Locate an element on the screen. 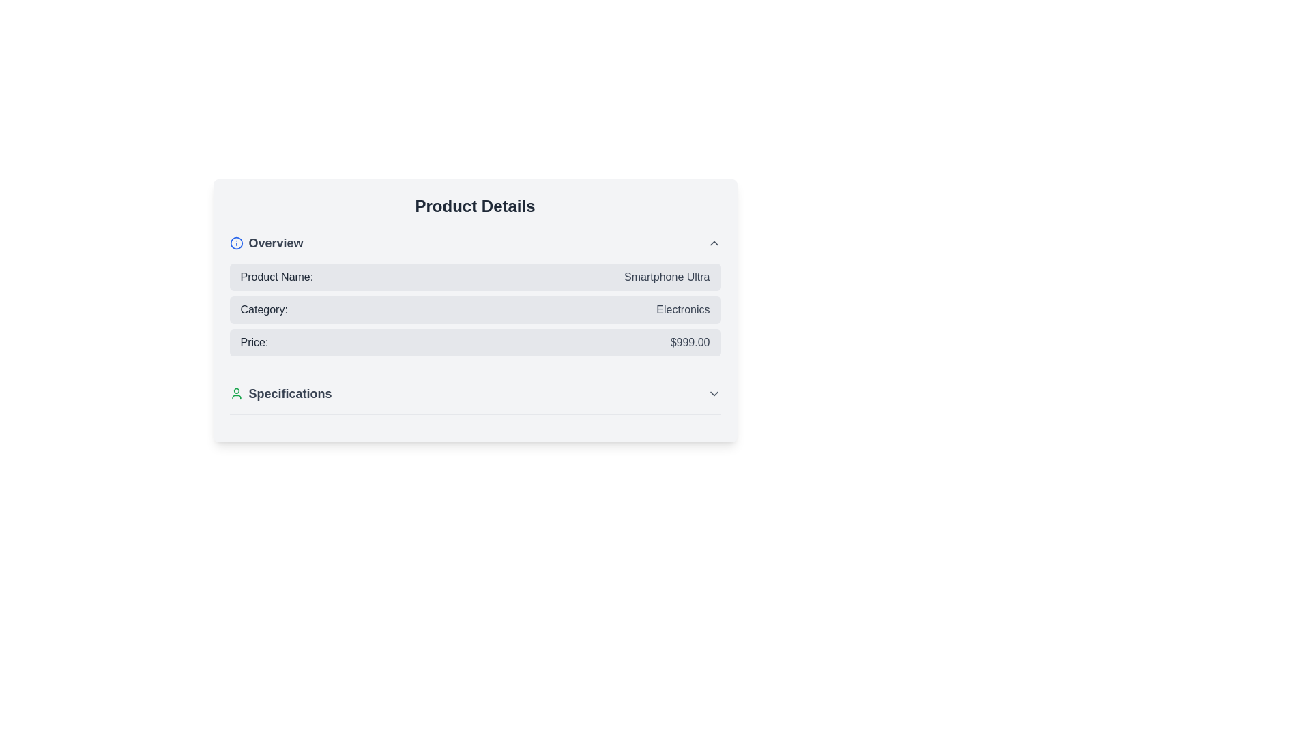  the chevron icon representing the dropdown toggle in the 'Specifications' section to possibly display a tooltip is located at coordinates (713, 394).